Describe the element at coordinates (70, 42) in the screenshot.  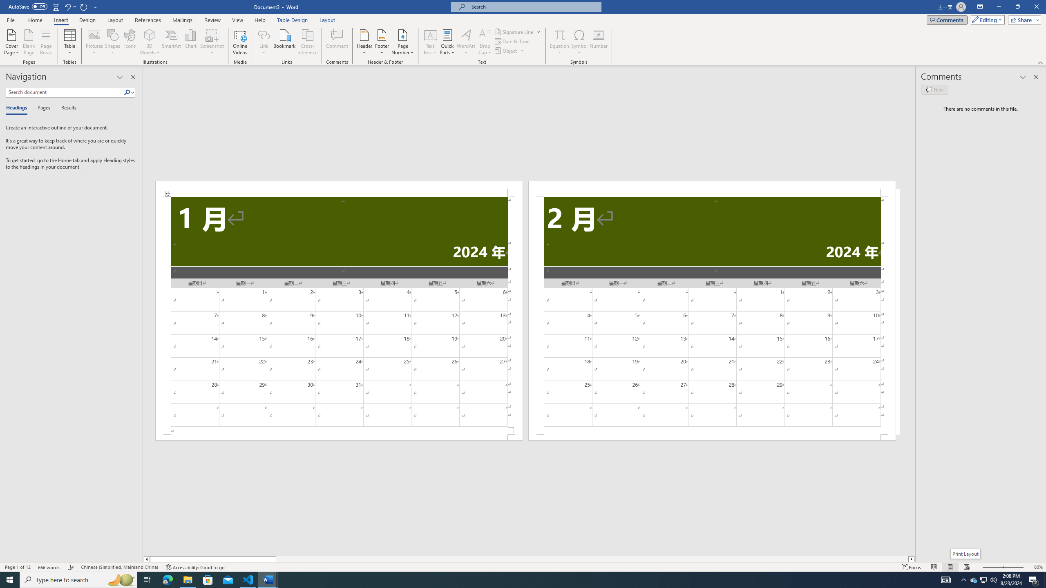
I see `'Table'` at that location.